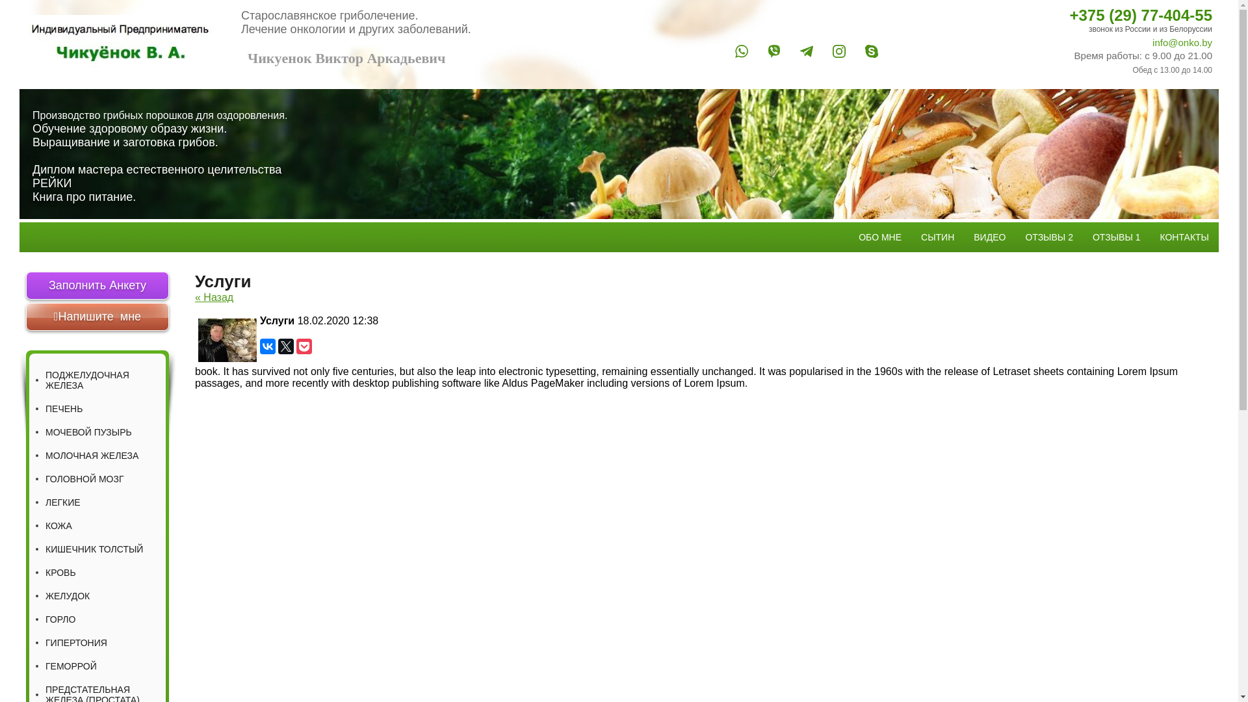 The height and width of the screenshot is (702, 1248). I want to click on 'Twitter', so click(285, 345).